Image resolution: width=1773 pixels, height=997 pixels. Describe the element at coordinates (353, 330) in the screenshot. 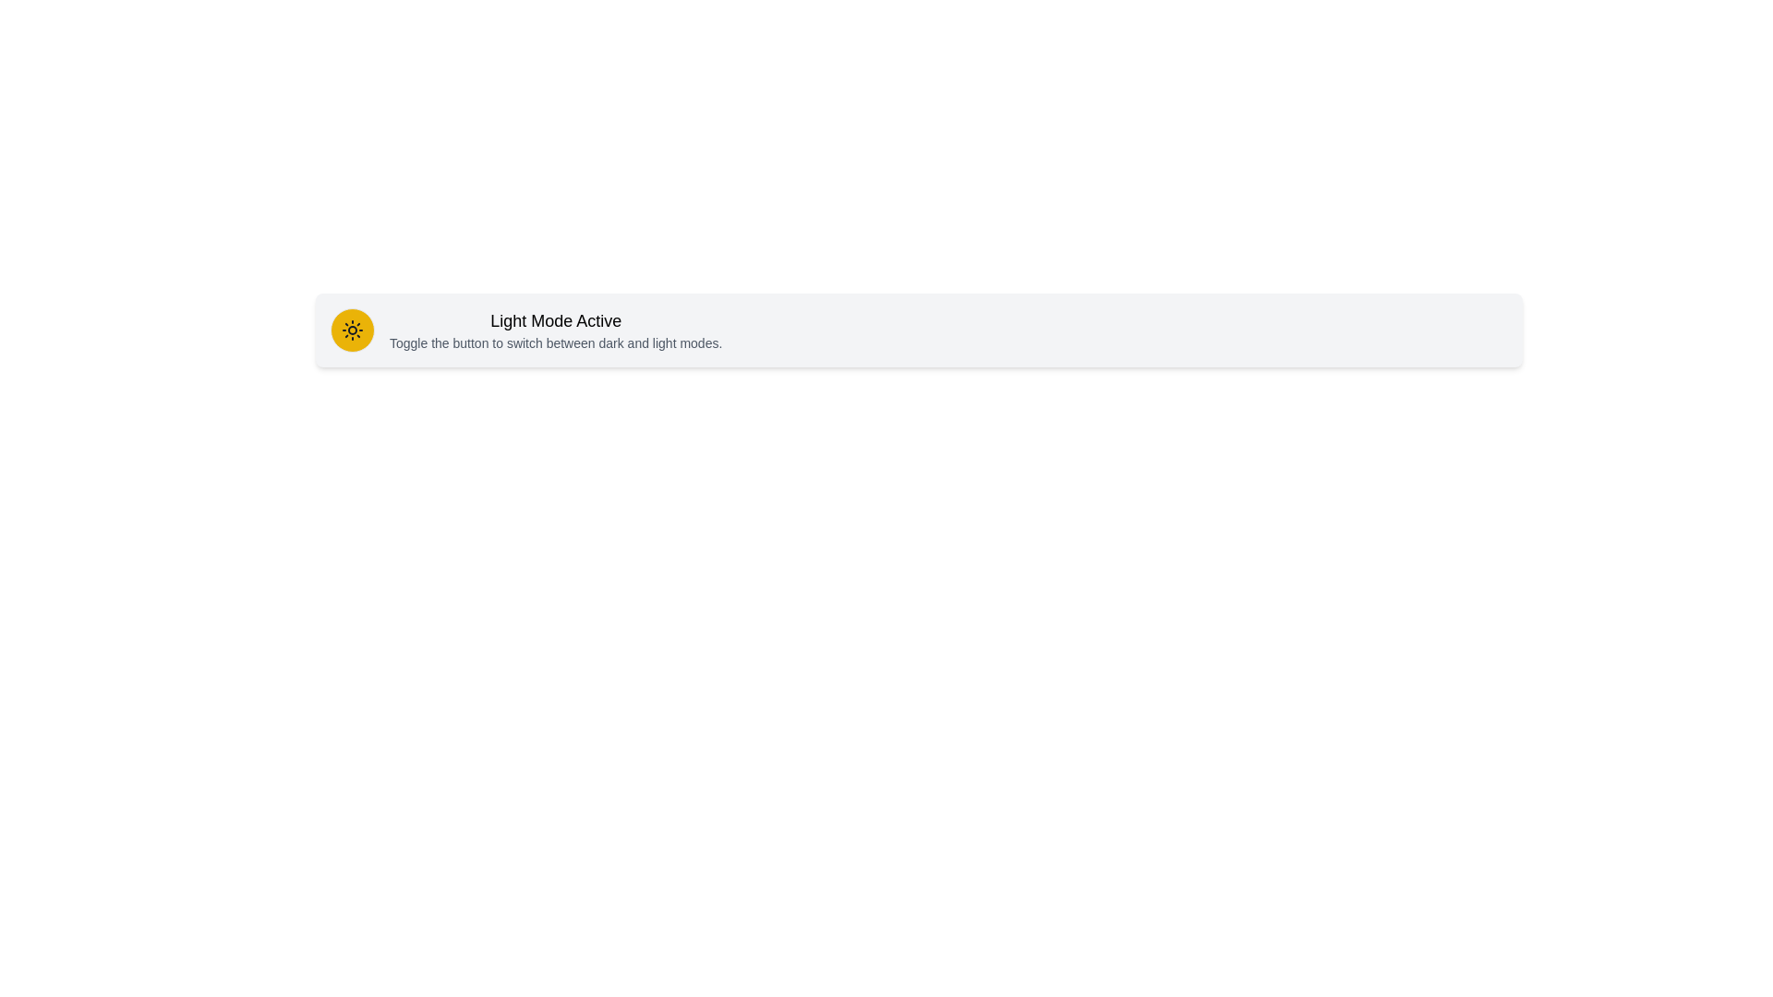

I see `the circular button with a yellow background that indicates the light mode setting, located to the left of the 'Light Mode Active' text` at that location.